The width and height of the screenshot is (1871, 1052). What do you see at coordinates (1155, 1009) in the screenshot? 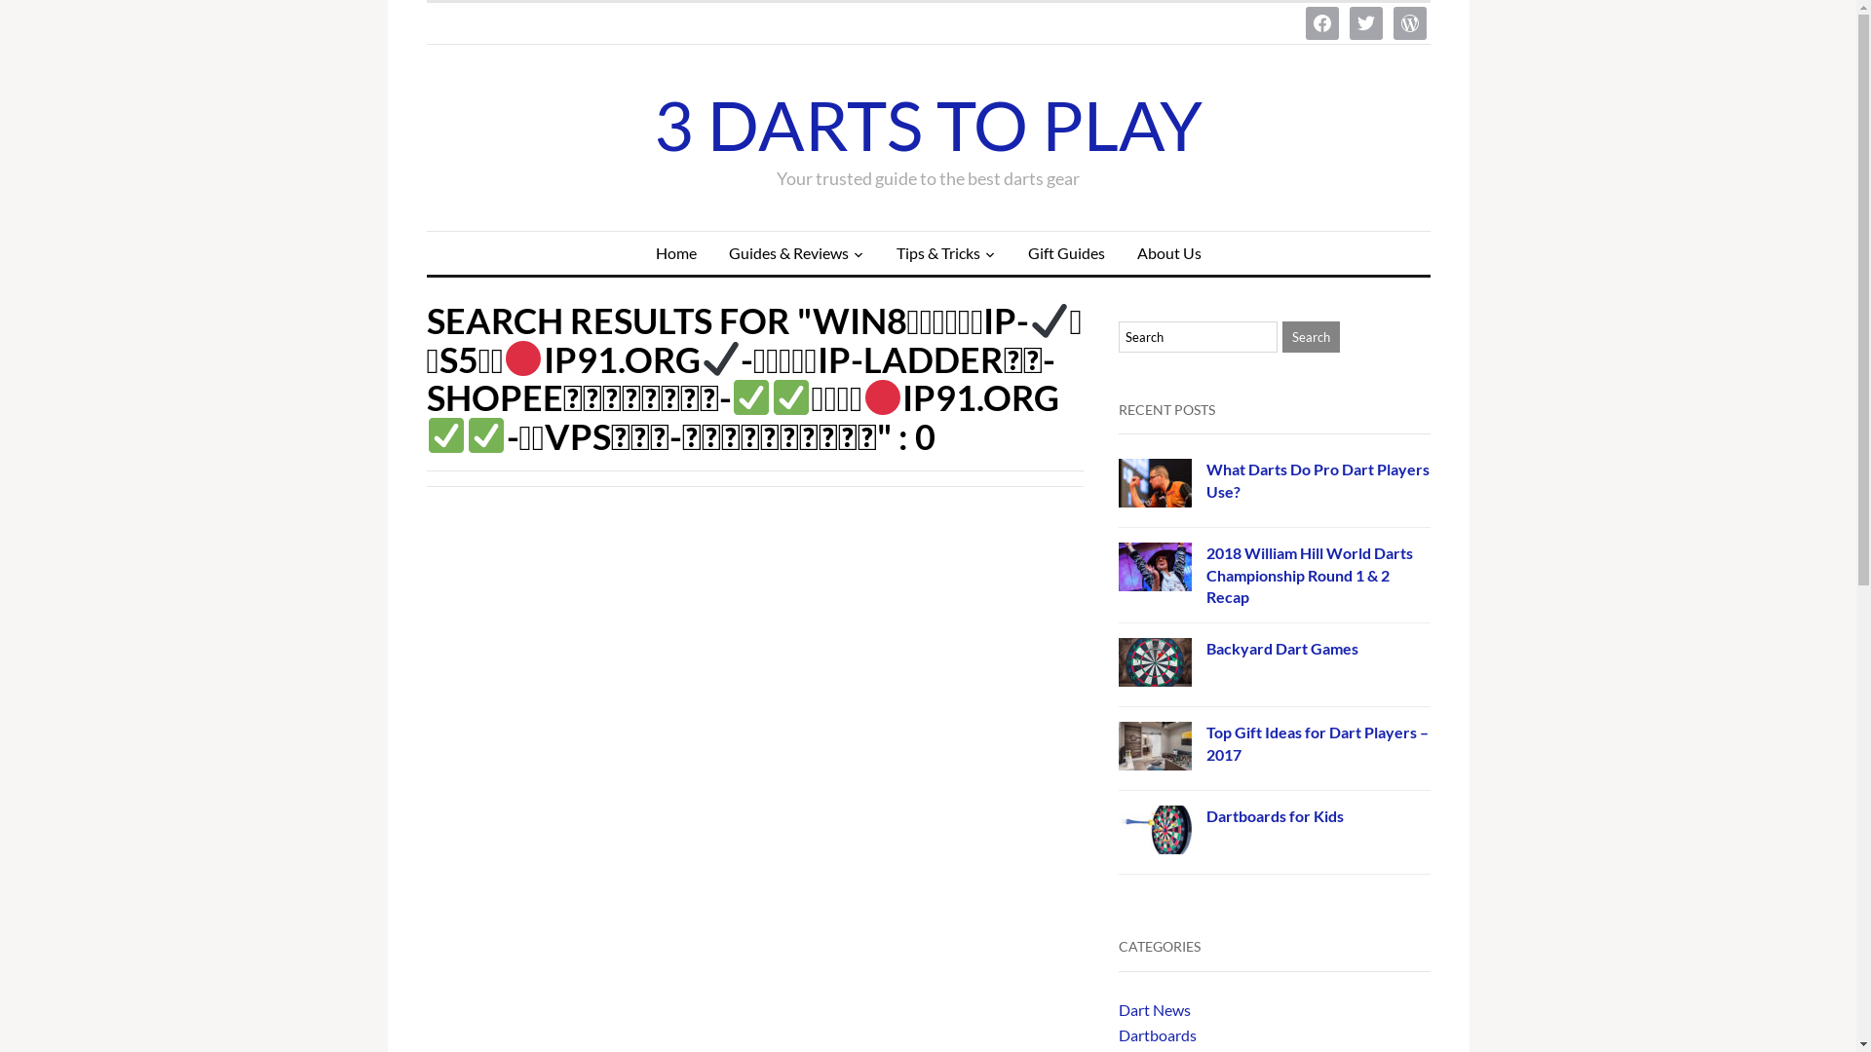
I see `'Dart News'` at bounding box center [1155, 1009].